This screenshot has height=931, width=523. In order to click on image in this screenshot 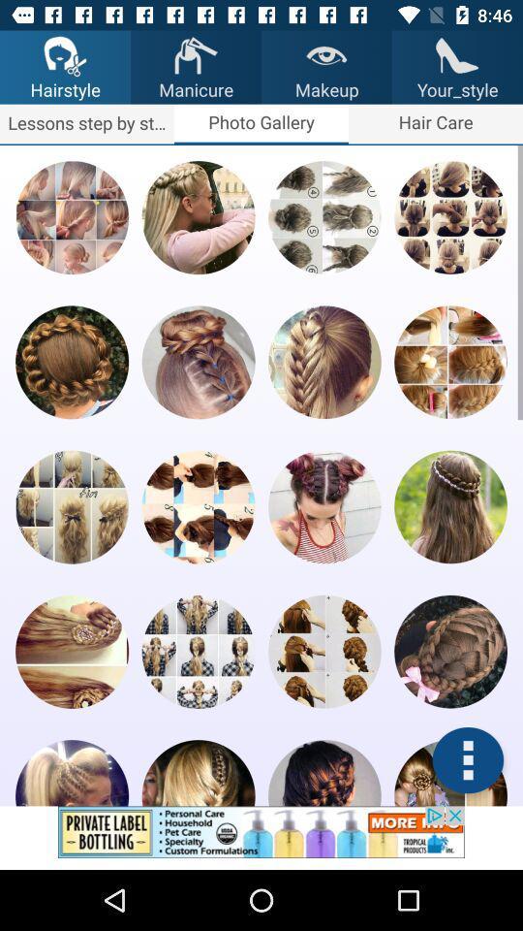, I will do `click(450, 652)`.